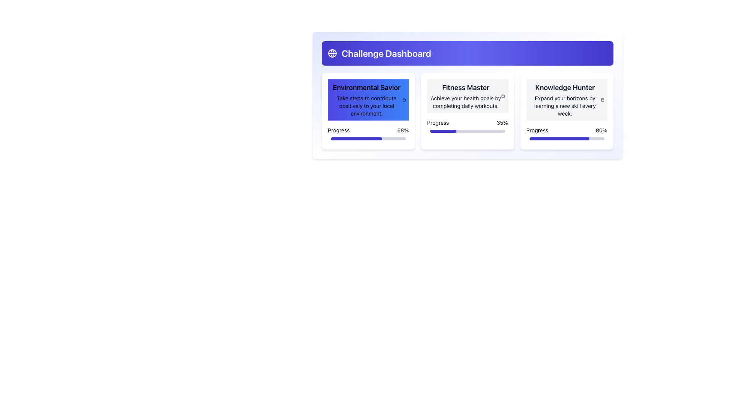 This screenshot has width=732, height=412. Describe the element at coordinates (567, 138) in the screenshot. I see `the Progress Bar located beneath the 'Progress' label and the numeric '80%' in the 'Knowledge Hunter' section` at that location.